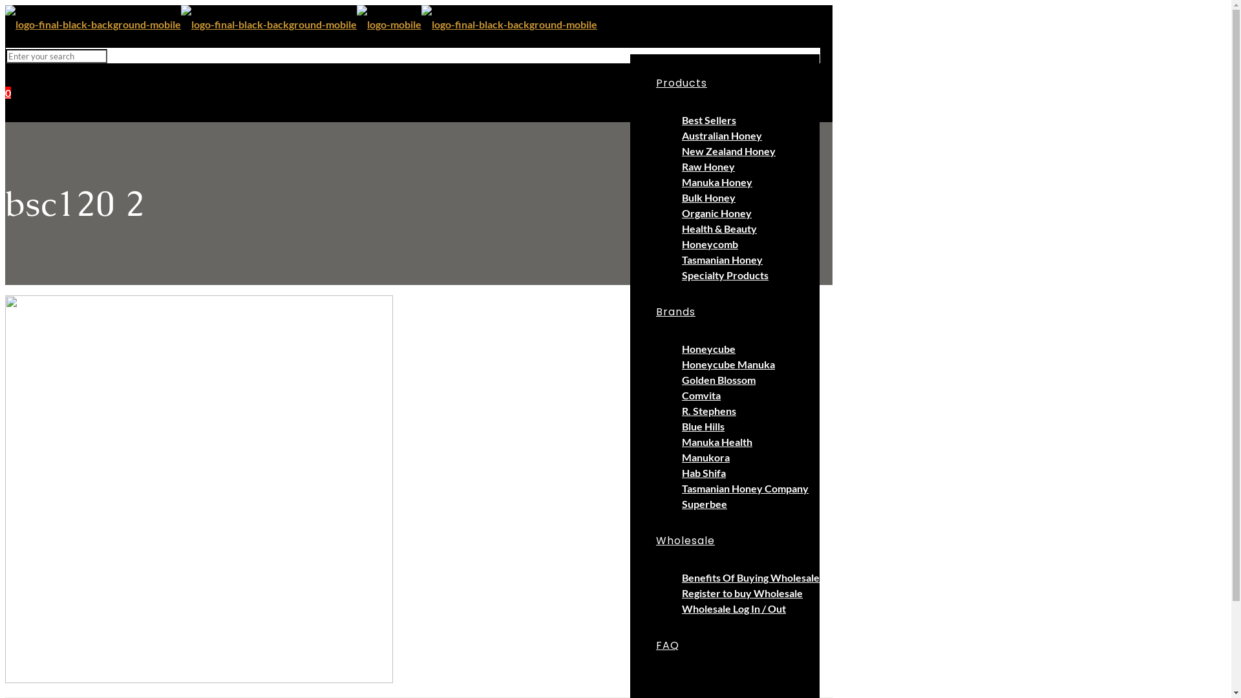 This screenshot has height=698, width=1241. Describe the element at coordinates (681, 83) in the screenshot. I see `'Products'` at that location.